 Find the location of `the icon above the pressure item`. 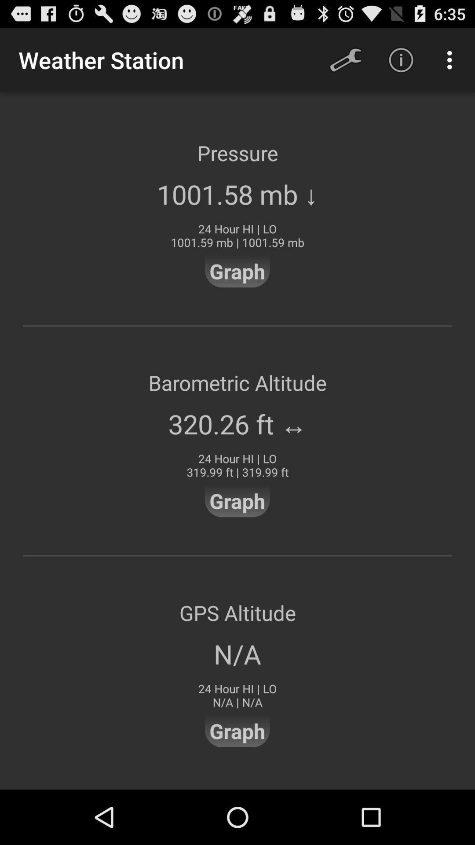

the icon above the pressure item is located at coordinates (452, 59).